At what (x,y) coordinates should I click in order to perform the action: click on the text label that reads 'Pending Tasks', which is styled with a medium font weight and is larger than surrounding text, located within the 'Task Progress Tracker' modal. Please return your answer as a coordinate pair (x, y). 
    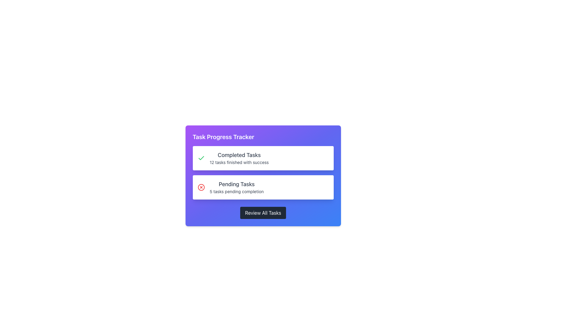
    Looking at the image, I should click on (236, 184).